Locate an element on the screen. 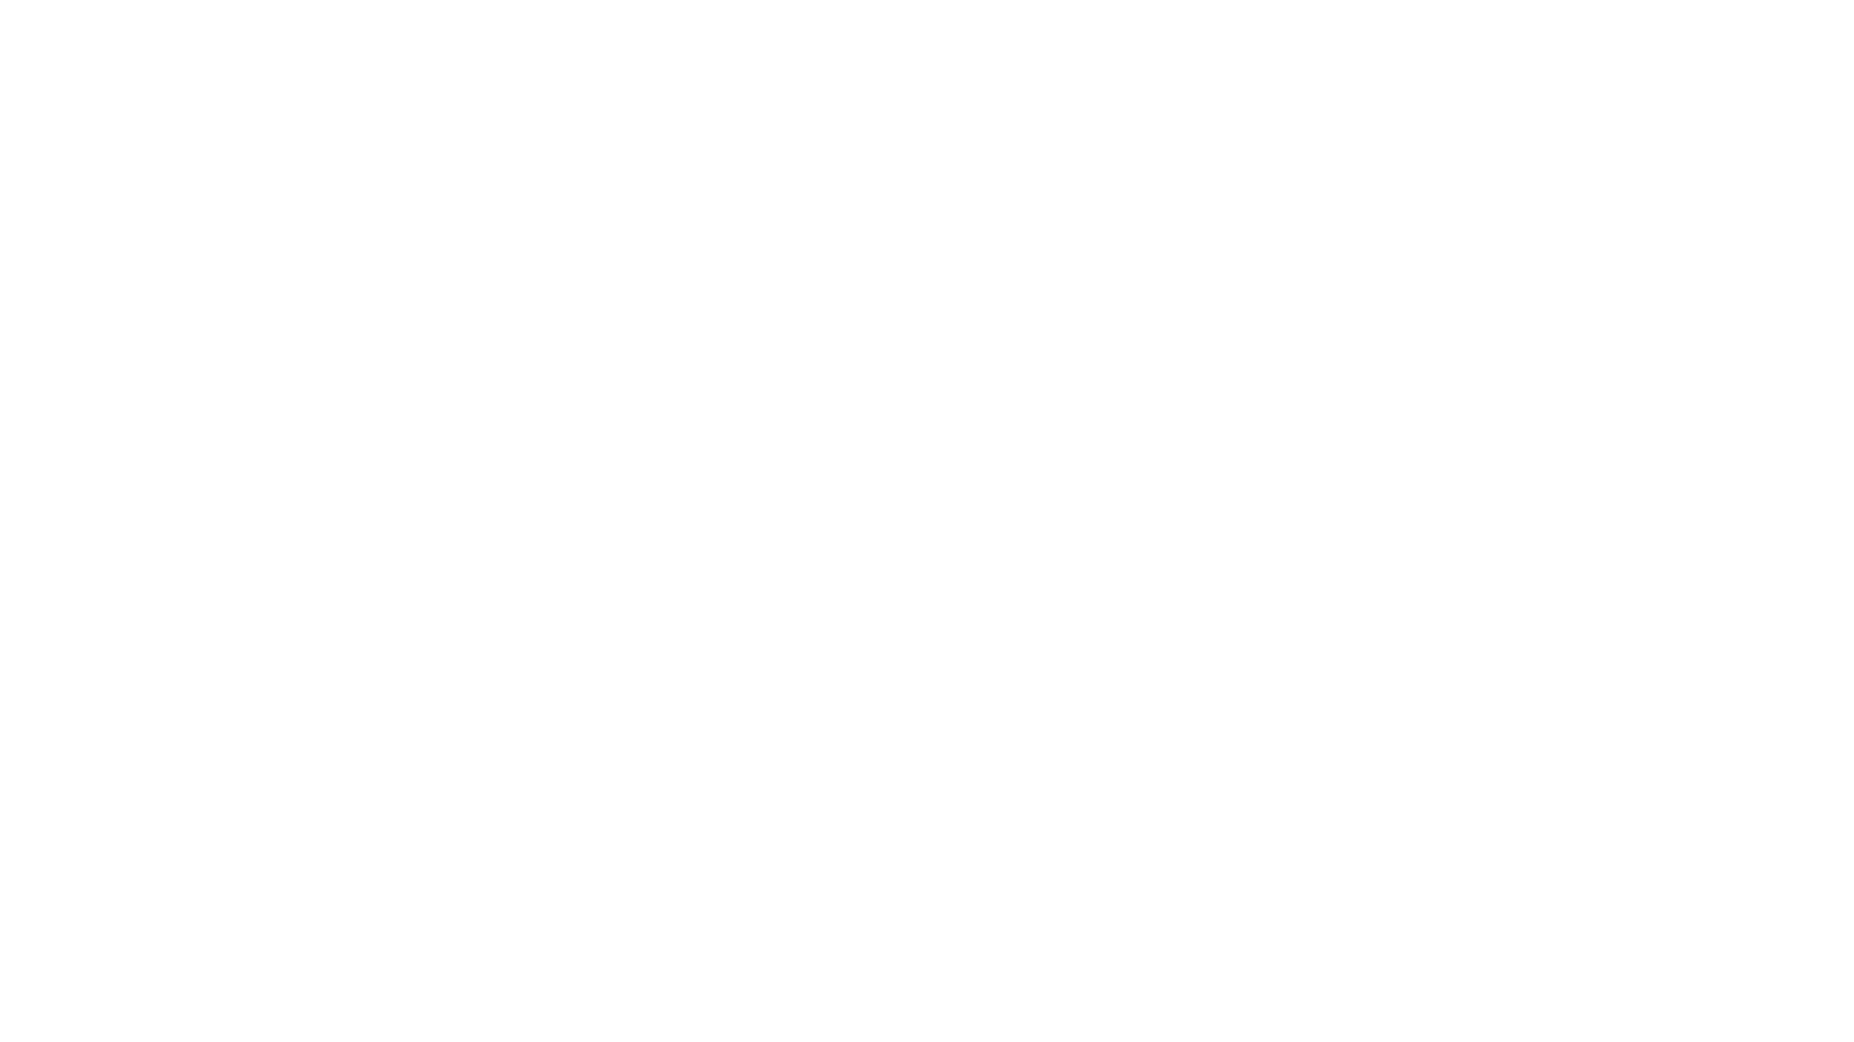 The height and width of the screenshot is (1042, 1854). Show next month is located at coordinates (1048, 211).